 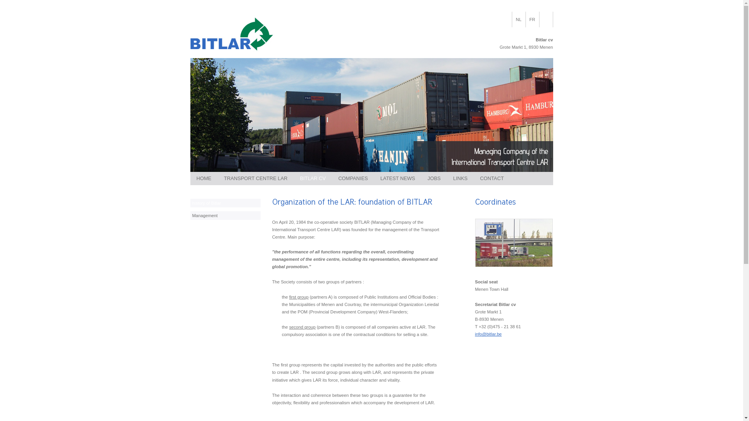 What do you see at coordinates (256, 179) in the screenshot?
I see `'TRANSPORT CENTRE LAR'` at bounding box center [256, 179].